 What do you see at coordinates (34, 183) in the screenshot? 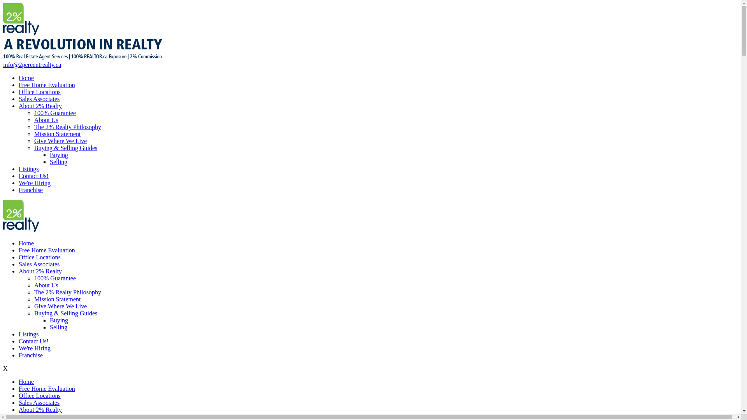
I see `'We're Hiring'` at bounding box center [34, 183].